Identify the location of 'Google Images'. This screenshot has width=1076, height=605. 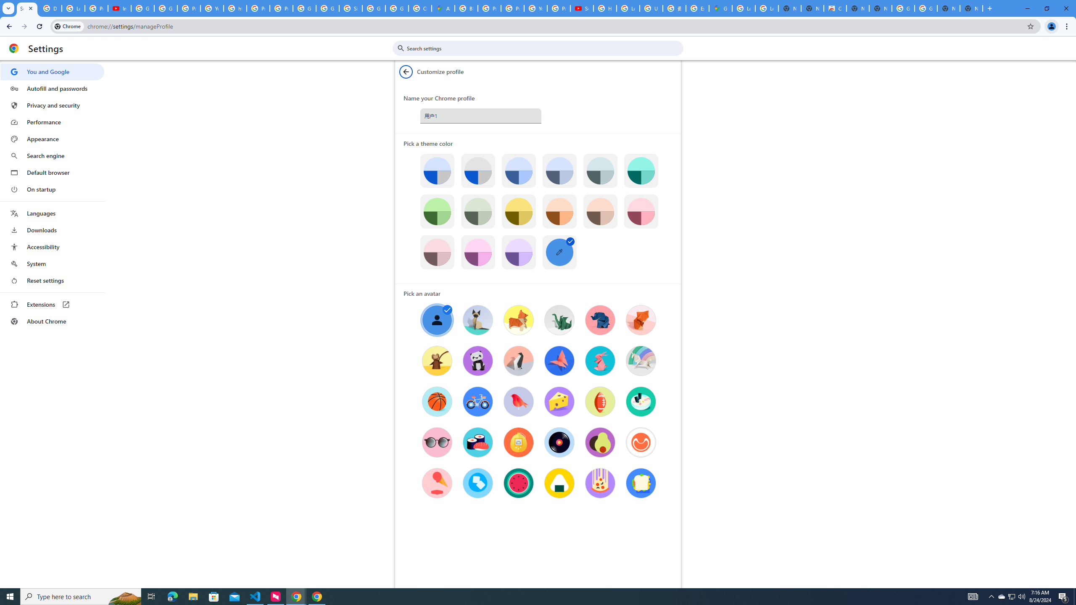
(925, 8).